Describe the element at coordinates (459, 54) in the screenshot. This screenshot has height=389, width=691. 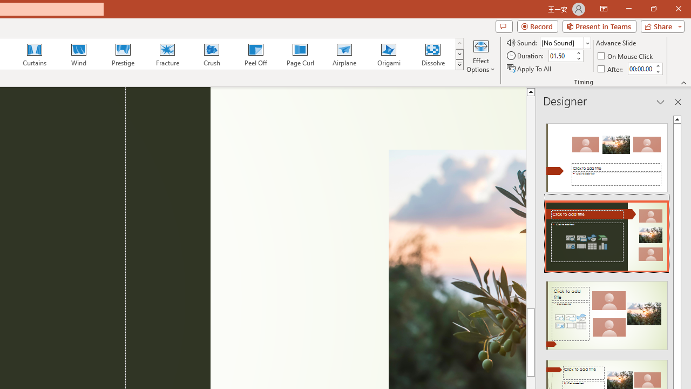
I see `'Row Down'` at that location.